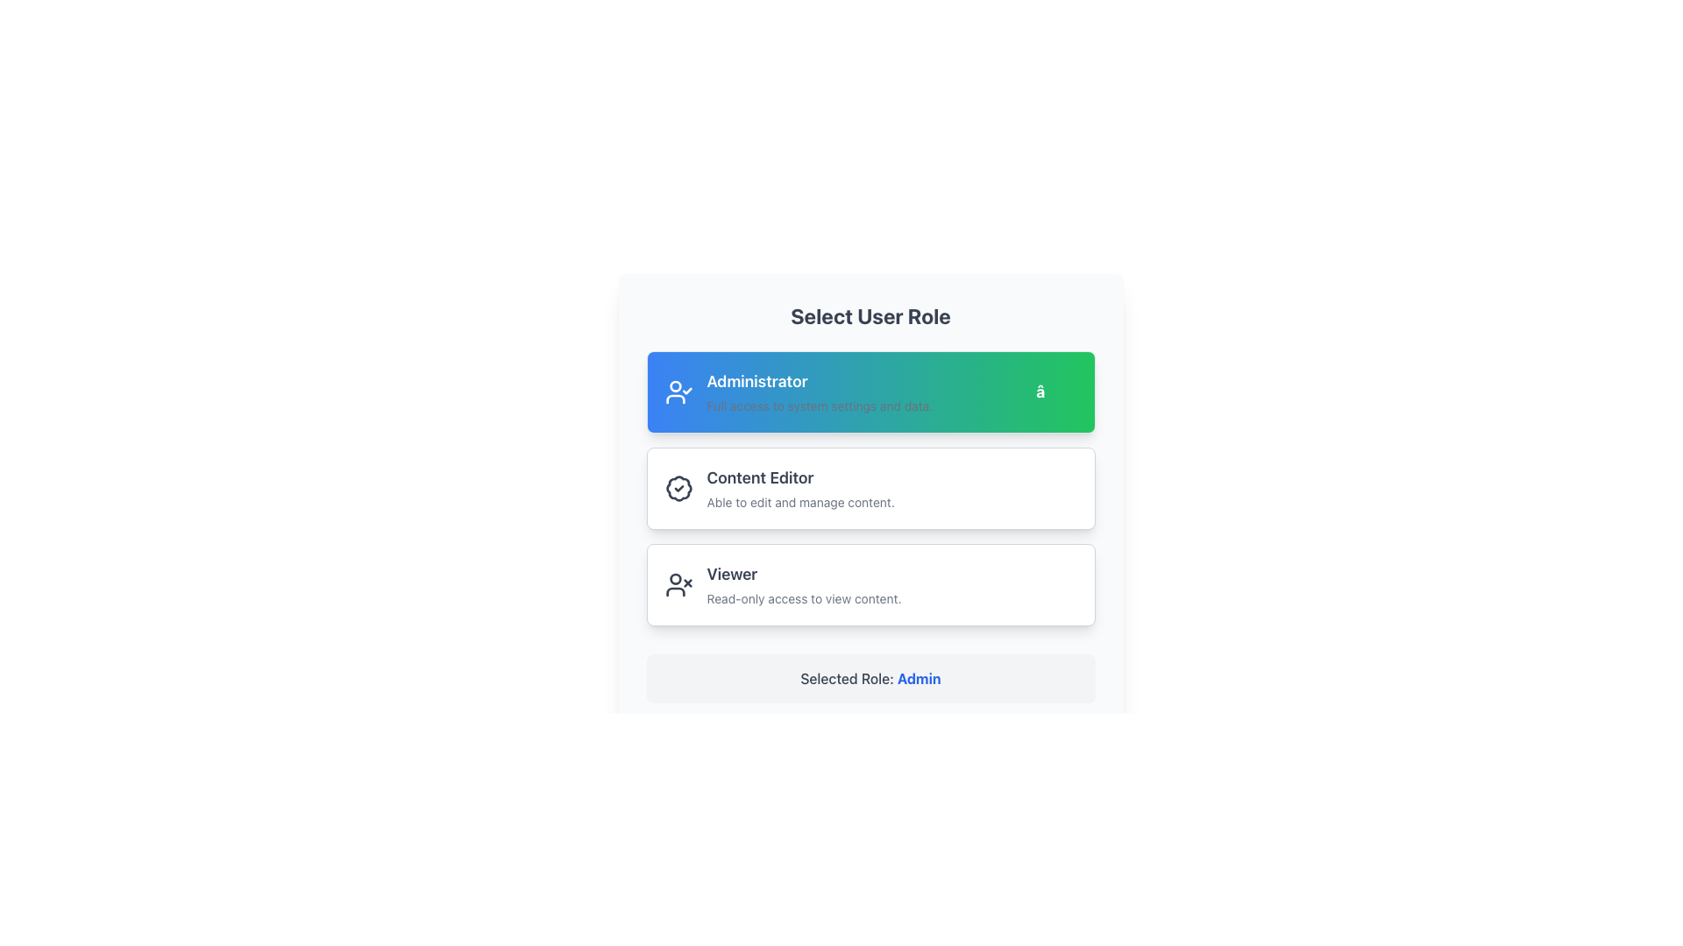 The image size is (1683, 946). What do you see at coordinates (760, 477) in the screenshot?
I see `the 'Content Editor' text label element, which is styled in bold and slightly larger font, located above the description in the user role selection interface` at bounding box center [760, 477].